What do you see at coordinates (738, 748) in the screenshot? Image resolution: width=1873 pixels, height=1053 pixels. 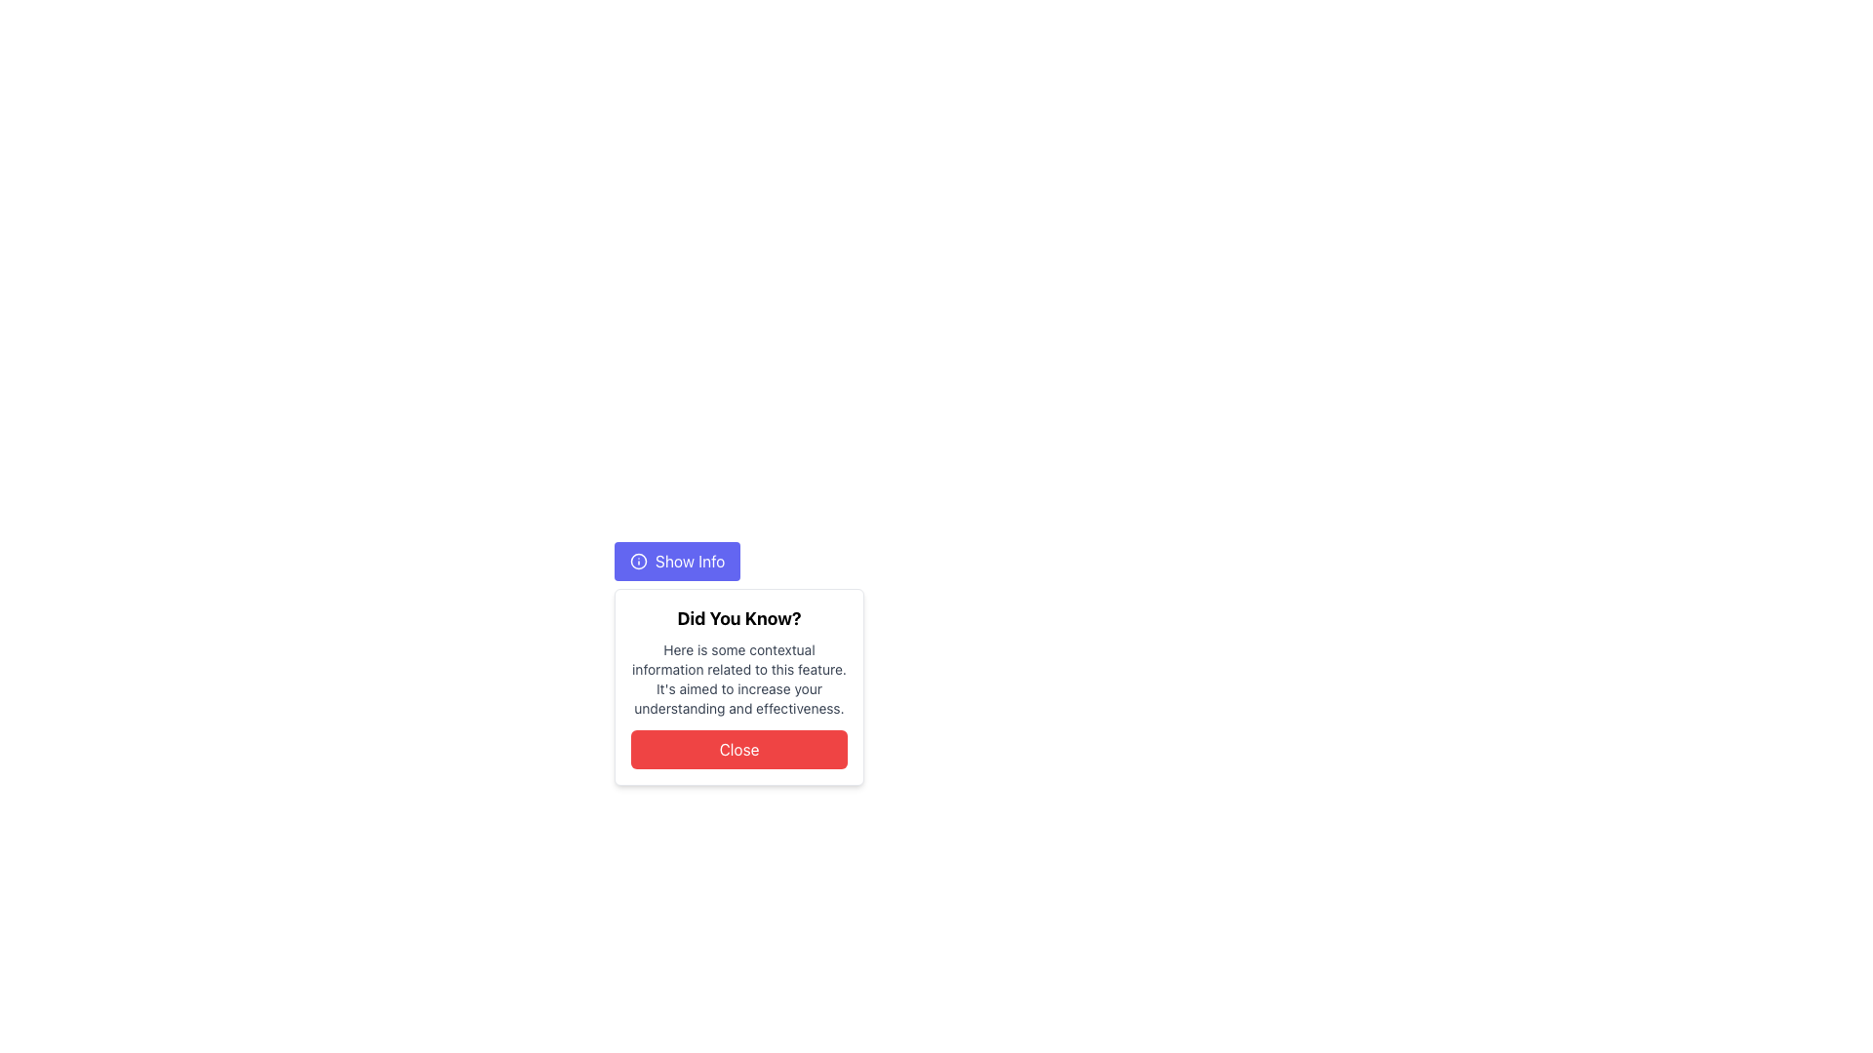 I see `the 'Close' button with a red background and white text` at bounding box center [738, 748].